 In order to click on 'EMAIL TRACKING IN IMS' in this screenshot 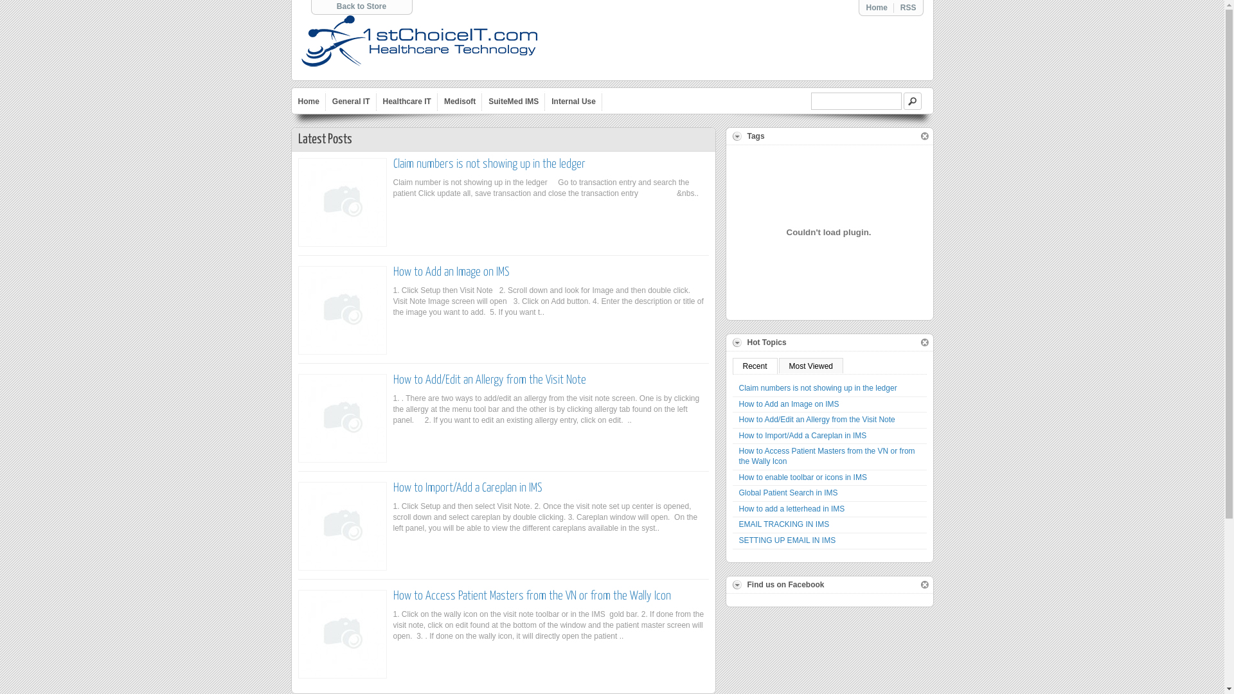, I will do `click(733, 525)`.